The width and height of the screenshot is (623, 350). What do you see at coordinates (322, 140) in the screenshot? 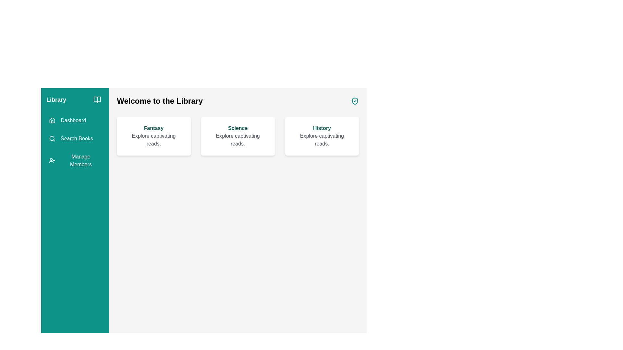
I see `descriptive text block located below the 'History' heading within the 'History' card, which provides additional information about the section` at bounding box center [322, 140].